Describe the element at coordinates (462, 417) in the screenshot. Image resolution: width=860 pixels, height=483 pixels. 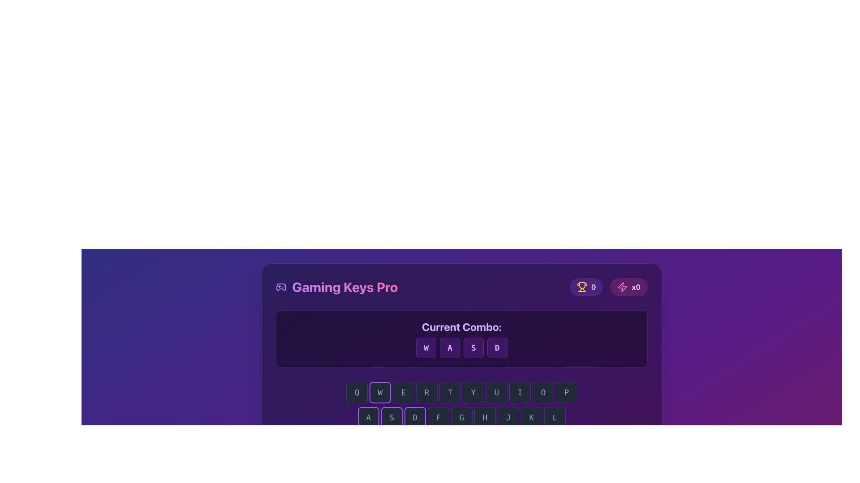
I see `the 'G' button on the virtual keyboard to interact with it` at that location.